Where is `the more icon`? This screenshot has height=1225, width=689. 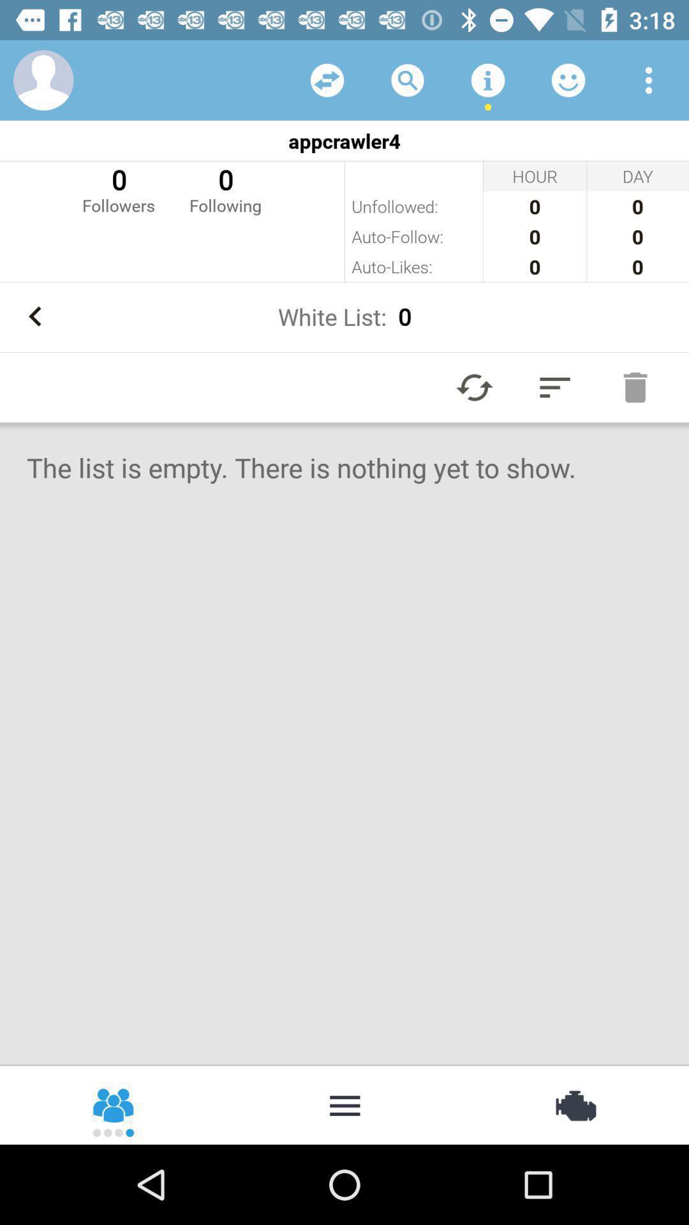 the more icon is located at coordinates (344, 1104).